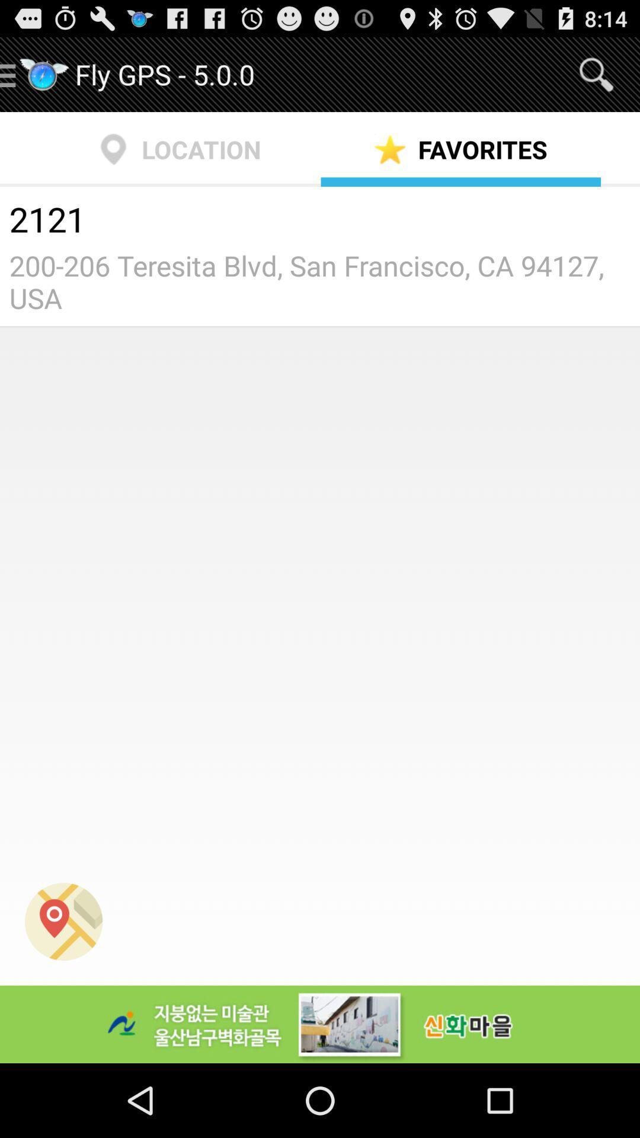 This screenshot has height=1138, width=640. Describe the element at coordinates (320, 221) in the screenshot. I see `item above the 200 206 teresita item` at that location.